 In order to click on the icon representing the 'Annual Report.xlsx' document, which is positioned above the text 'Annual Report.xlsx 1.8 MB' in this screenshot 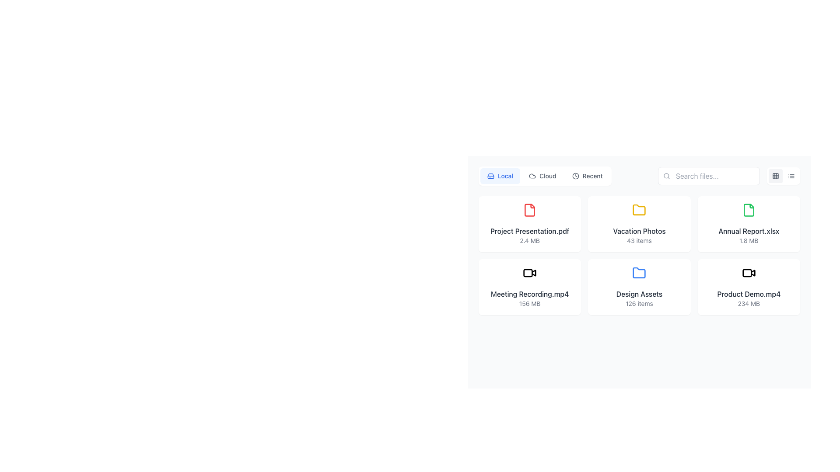, I will do `click(748, 210)`.